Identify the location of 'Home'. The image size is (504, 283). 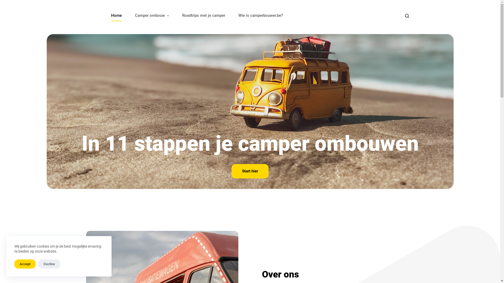
(116, 15).